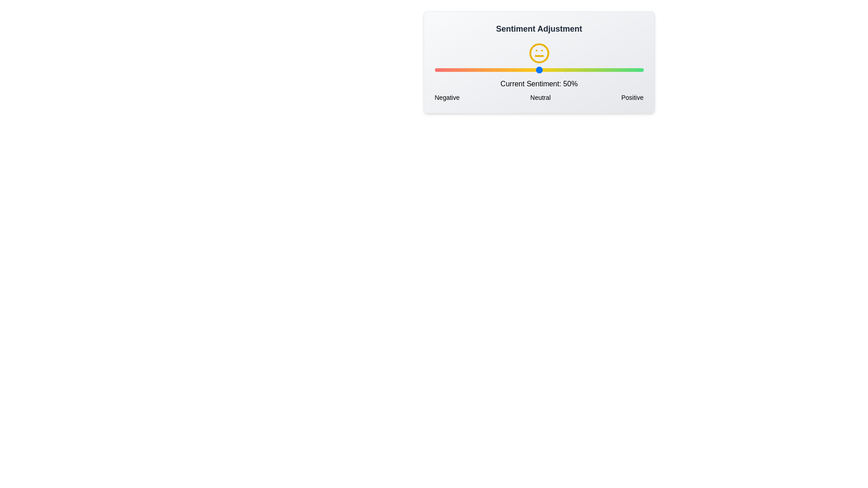 The width and height of the screenshot is (868, 488). Describe the element at coordinates (478, 69) in the screenshot. I see `the sentiment slider to 21% to observe the corresponding sentiment icon` at that location.